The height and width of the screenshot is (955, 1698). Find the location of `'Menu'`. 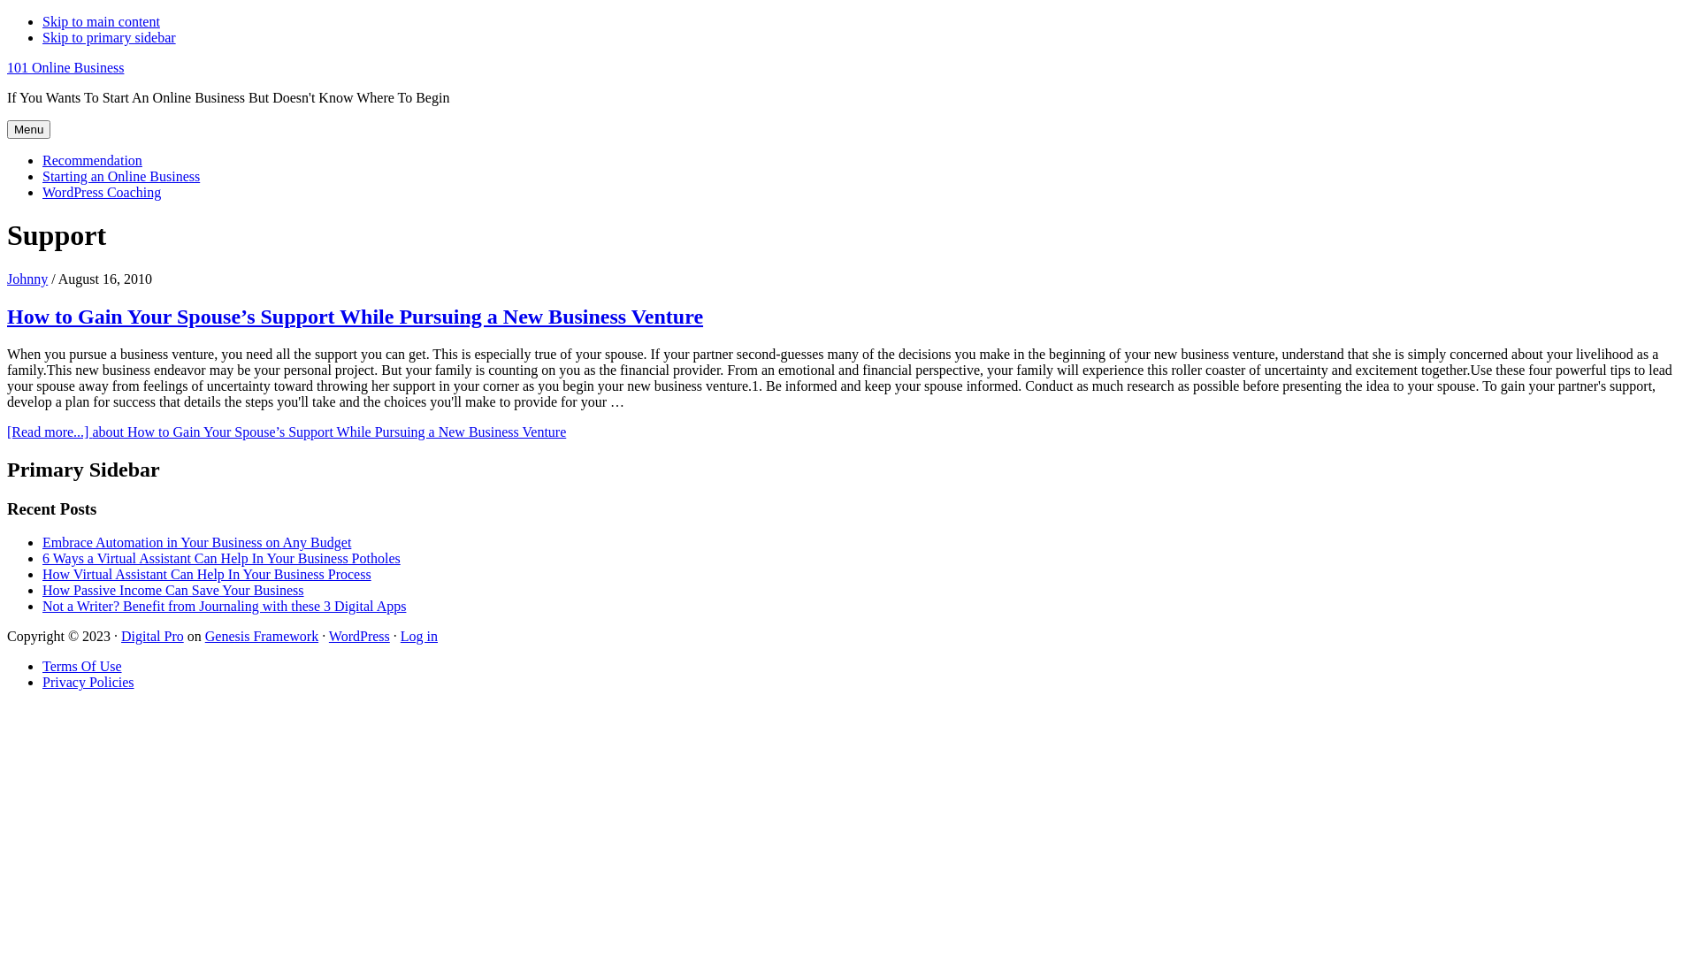

'Menu' is located at coordinates (28, 128).